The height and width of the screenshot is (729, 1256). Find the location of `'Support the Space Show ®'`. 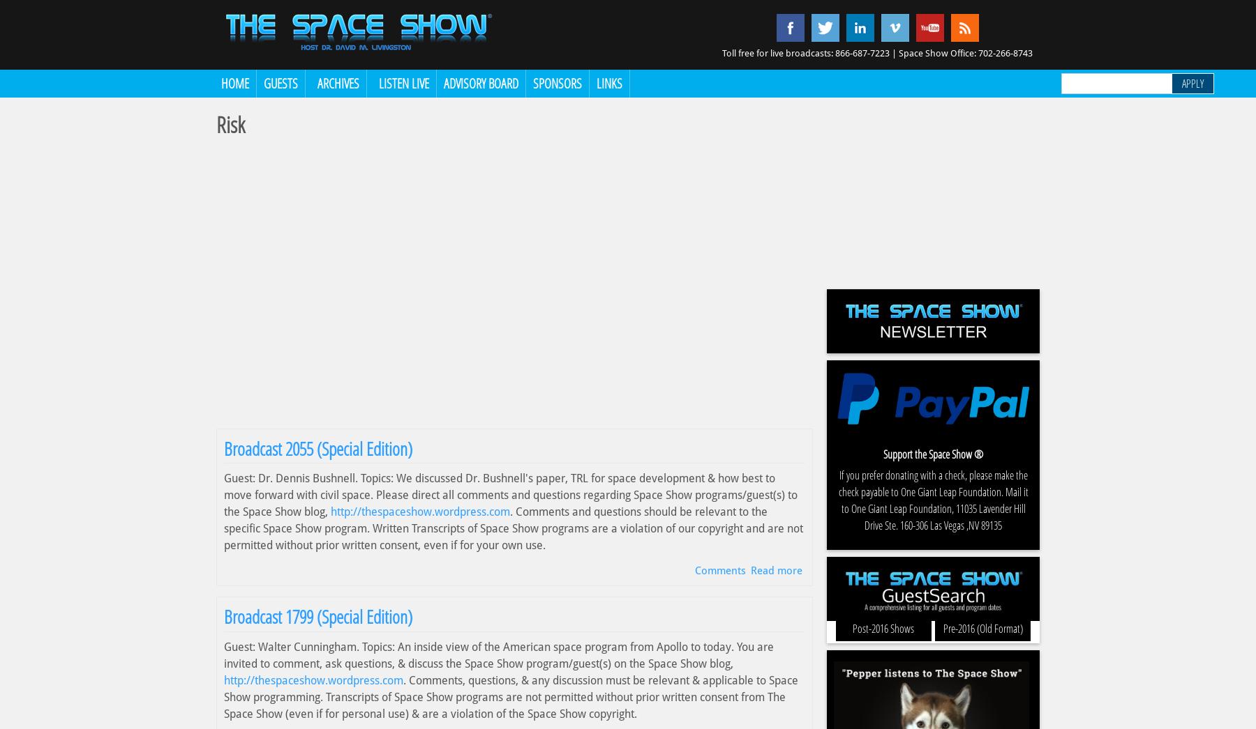

'Support the Space Show ®' is located at coordinates (933, 453).